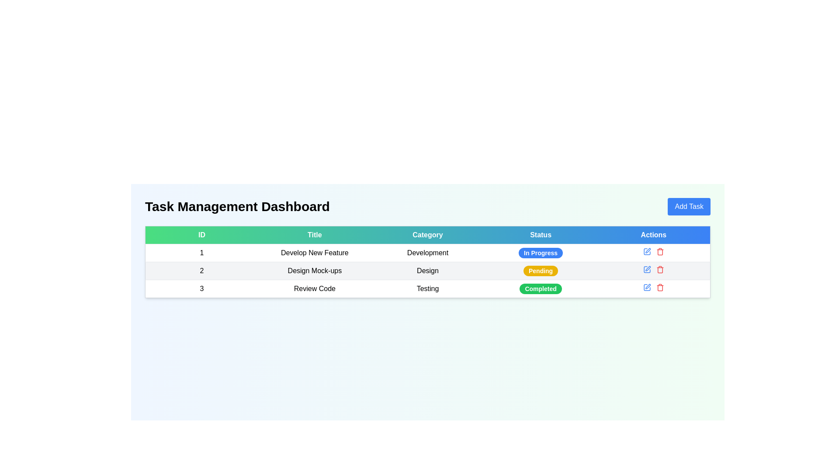  I want to click on the details of the task in the first row of the task management dashboard, which includes its ID, title, category, status, and available actions, so click(428, 253).